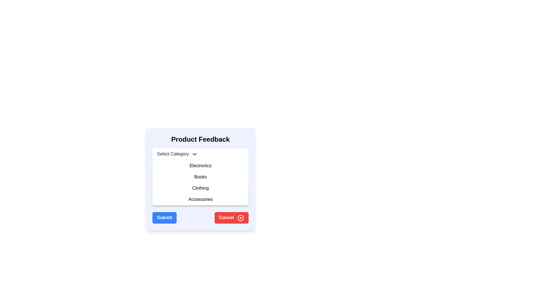 The image size is (540, 303). What do you see at coordinates (201, 176) in the screenshot?
I see `the 'Books' dropdown menu option` at bounding box center [201, 176].